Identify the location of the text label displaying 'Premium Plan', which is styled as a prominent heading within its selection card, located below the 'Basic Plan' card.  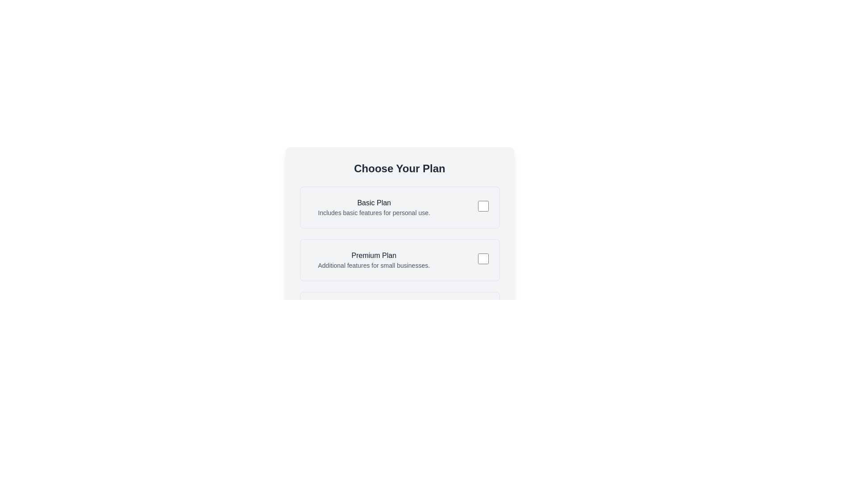
(374, 256).